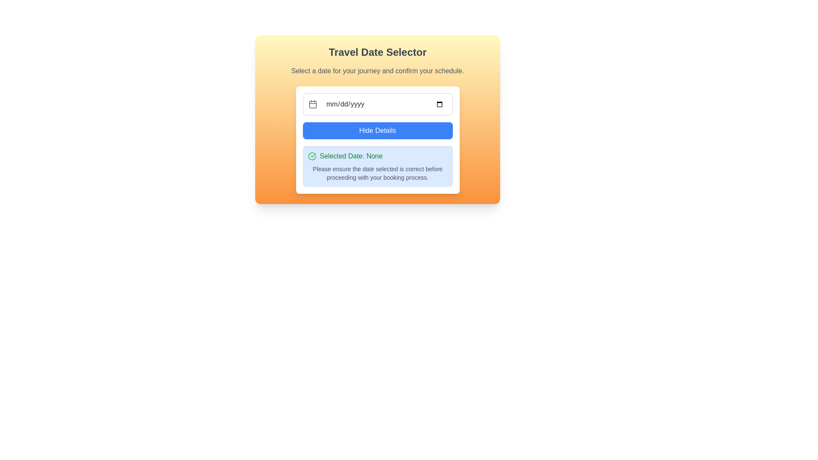  I want to click on the text label displaying 'Selected Date: None' in a green font located at the bottom section of a card UI, so click(351, 156).